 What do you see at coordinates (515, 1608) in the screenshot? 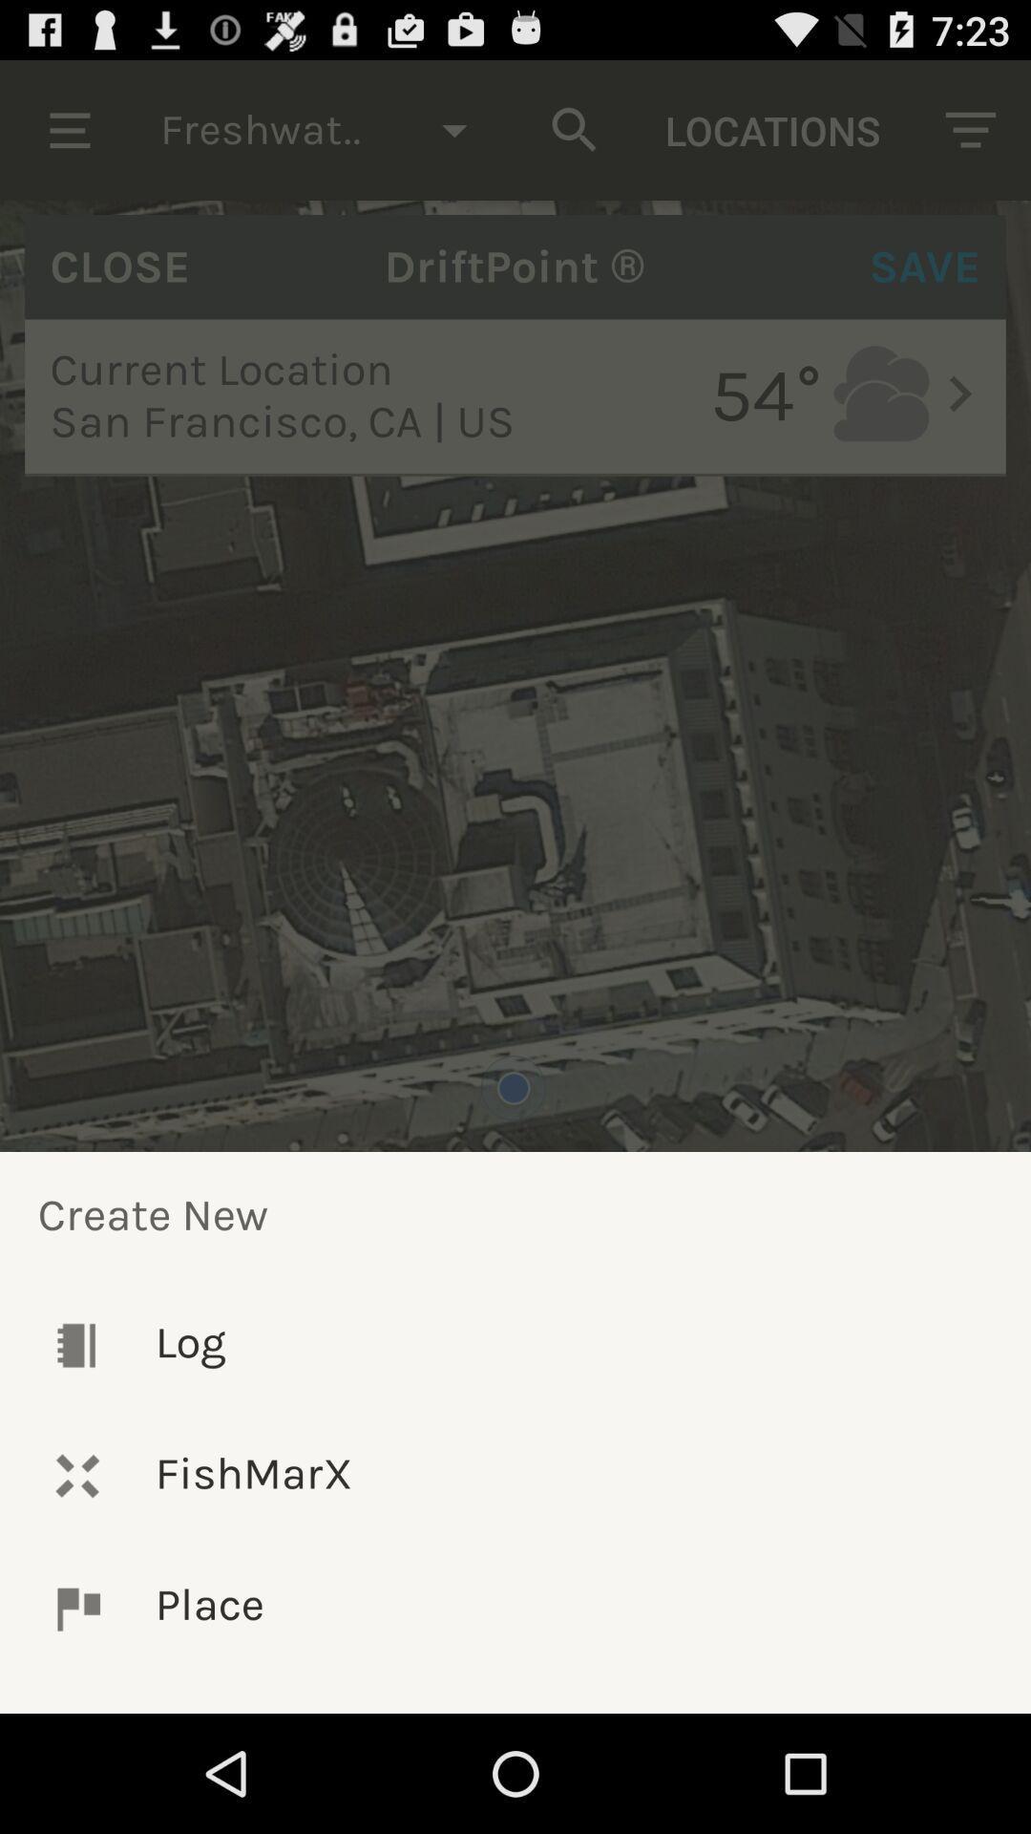
I see `the place` at bounding box center [515, 1608].